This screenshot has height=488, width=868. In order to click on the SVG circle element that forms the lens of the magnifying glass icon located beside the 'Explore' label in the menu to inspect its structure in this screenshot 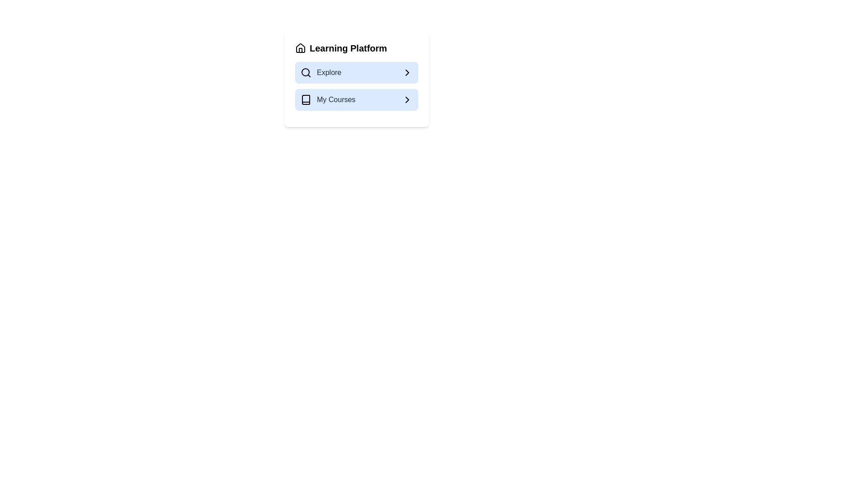, I will do `click(306, 71)`.